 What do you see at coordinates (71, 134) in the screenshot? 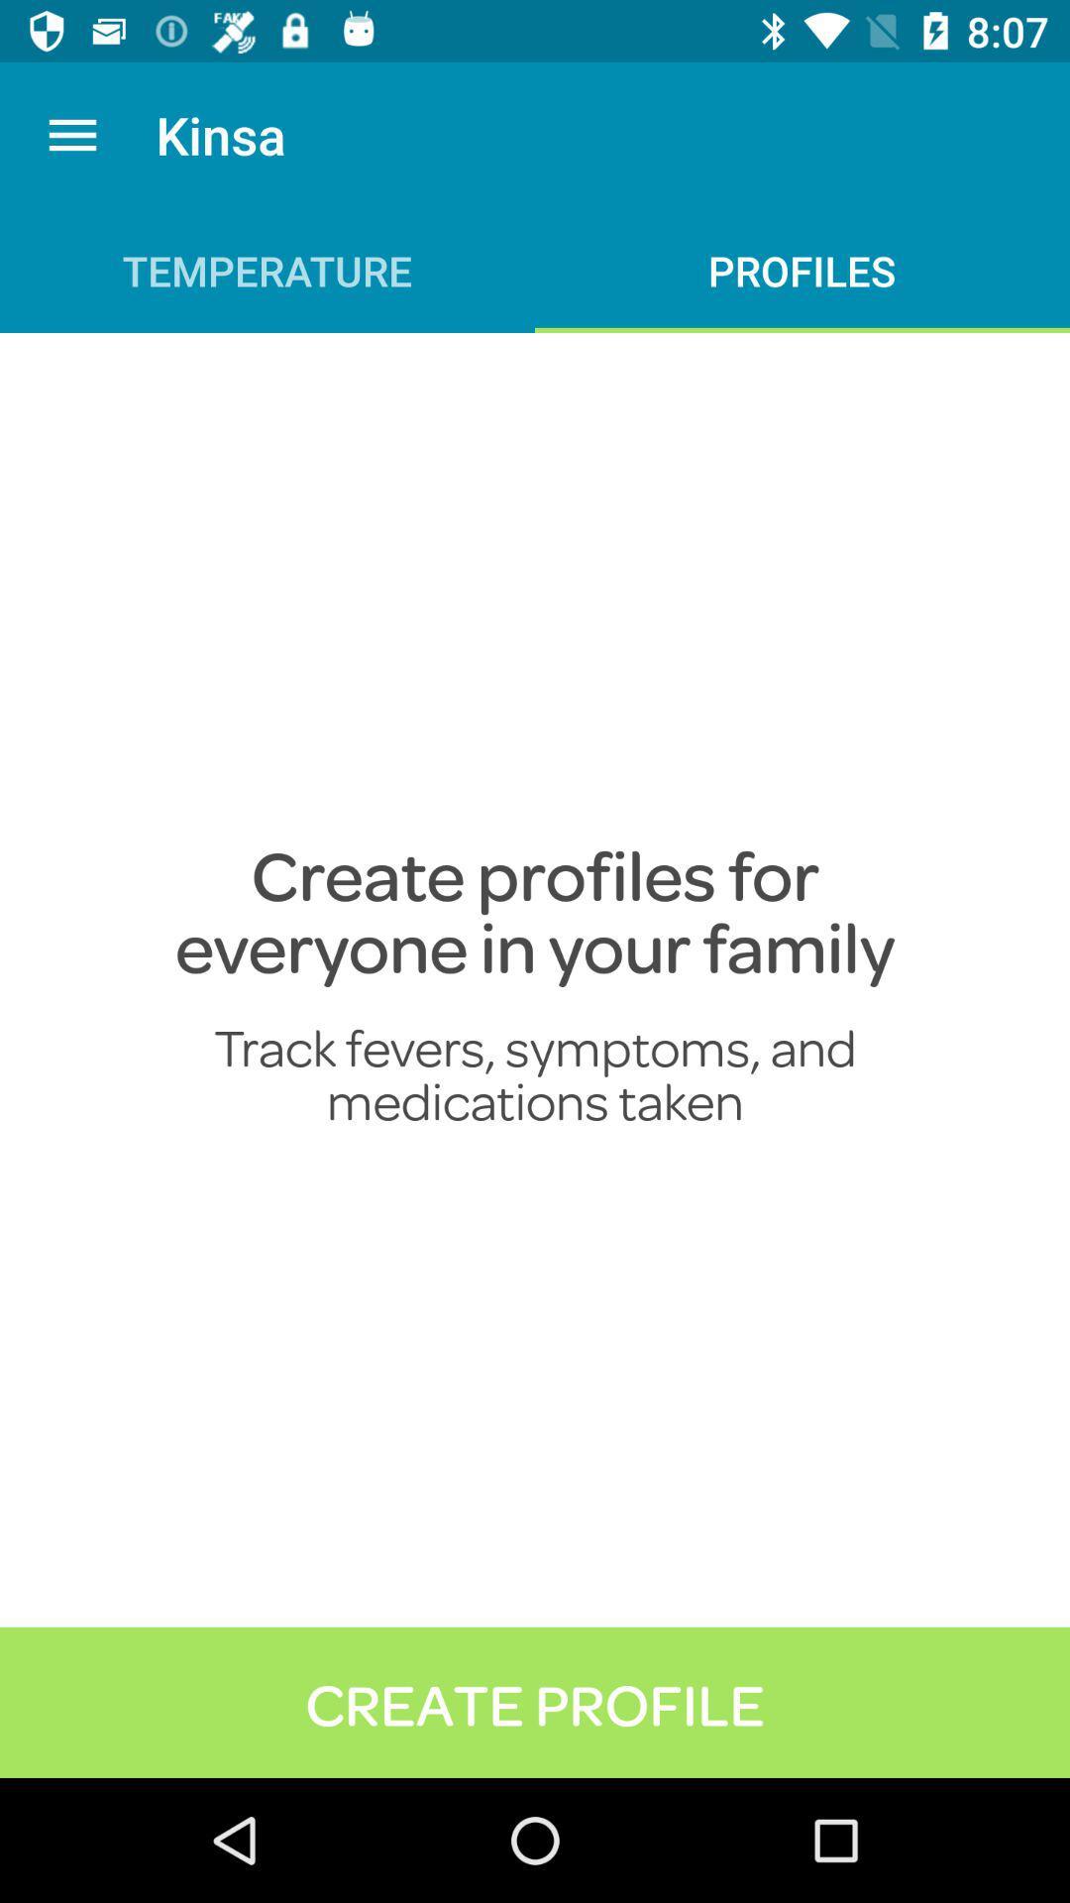
I see `the item next to kinsa app` at bounding box center [71, 134].